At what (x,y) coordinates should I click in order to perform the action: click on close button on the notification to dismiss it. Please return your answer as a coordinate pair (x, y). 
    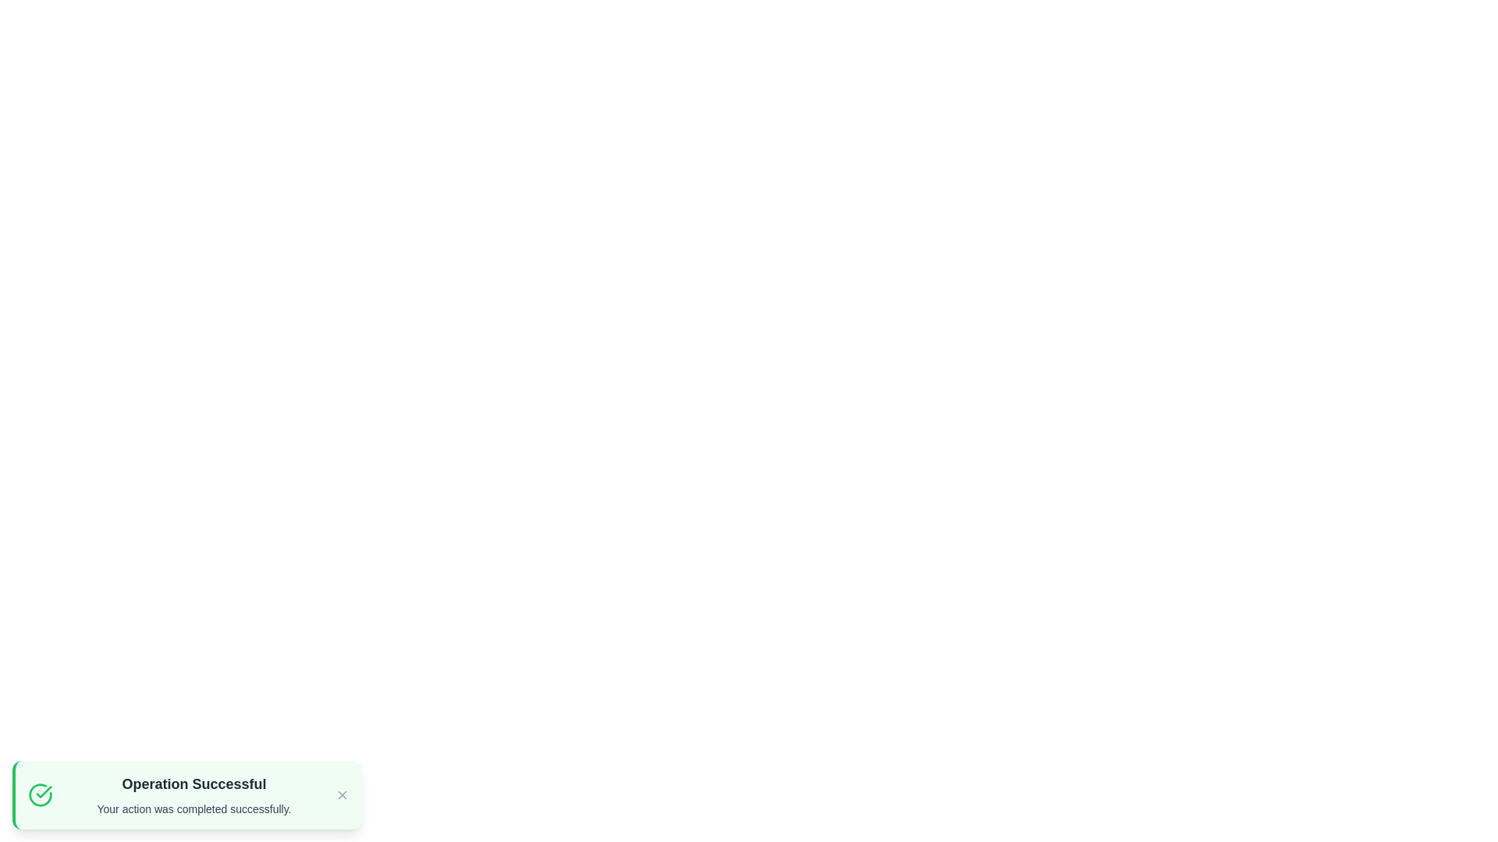
    Looking at the image, I should click on (341, 794).